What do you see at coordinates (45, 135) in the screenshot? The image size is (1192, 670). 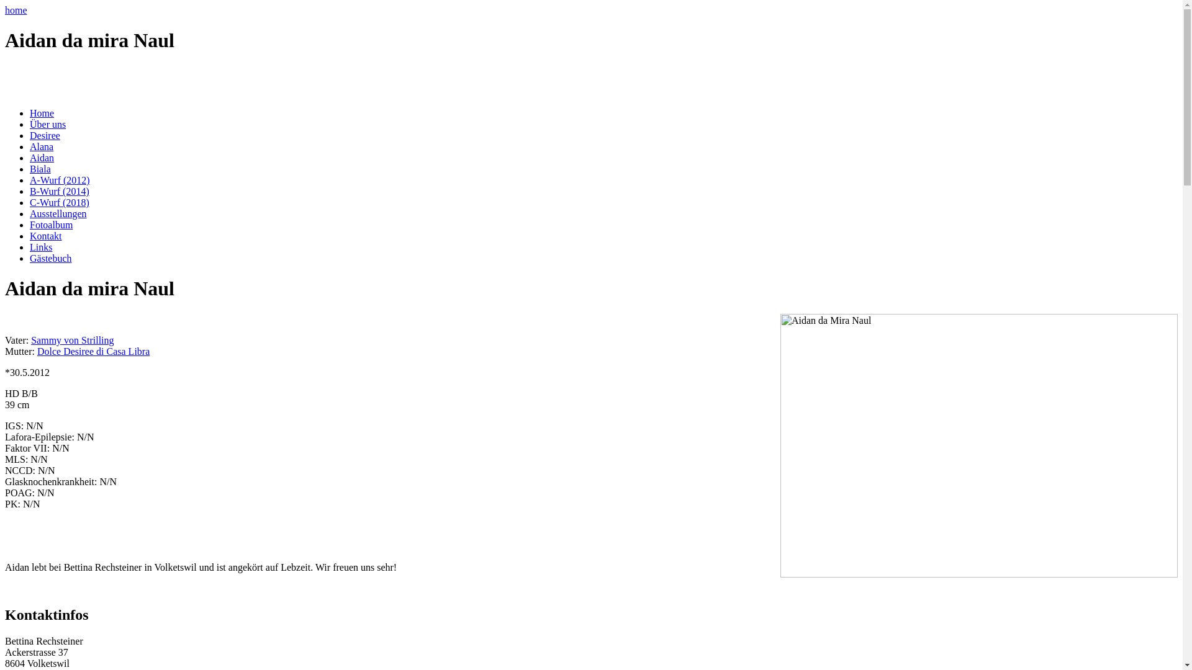 I see `'Desiree'` at bounding box center [45, 135].